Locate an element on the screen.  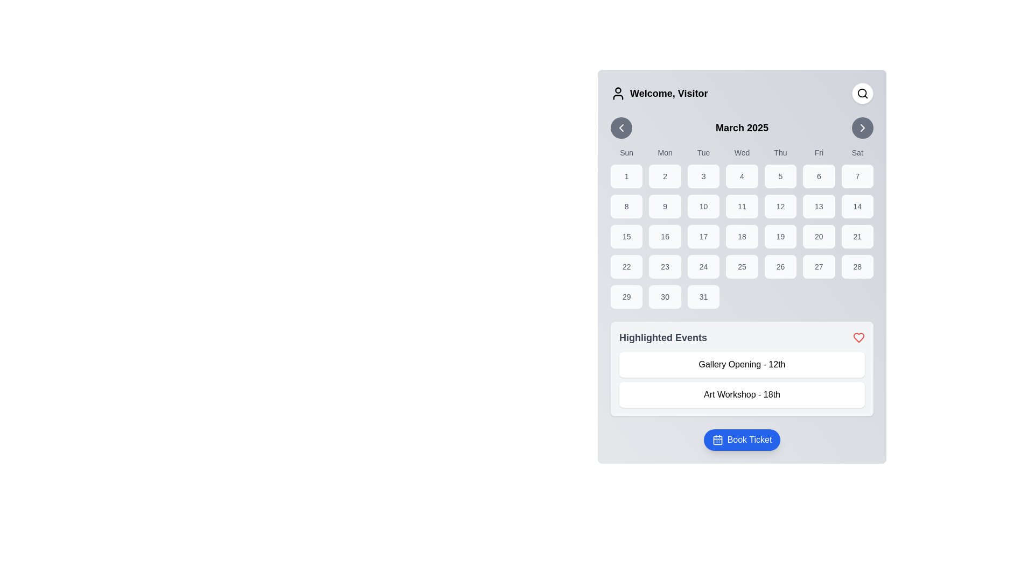
the centered arrow icon within the circular button located in the top-right corner of the interface to initiate navigation to the next page or view is located at coordinates (863, 127).